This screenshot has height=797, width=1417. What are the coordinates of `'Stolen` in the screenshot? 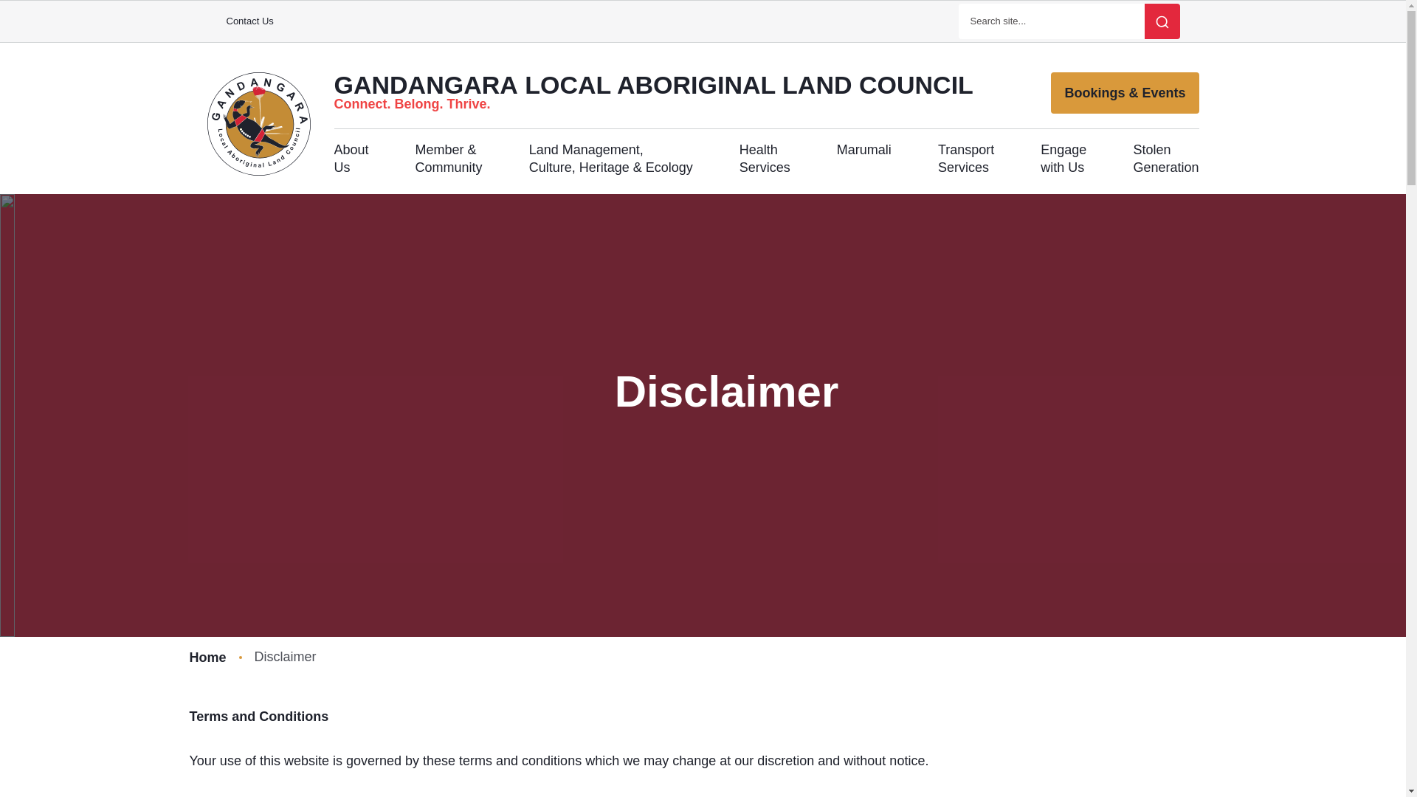 It's located at (1165, 159).